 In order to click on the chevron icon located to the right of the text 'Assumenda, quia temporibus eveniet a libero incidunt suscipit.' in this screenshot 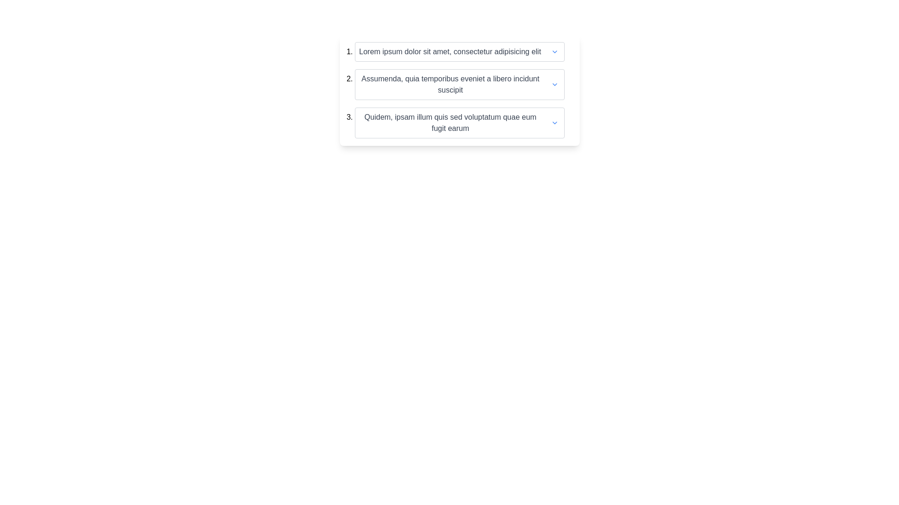, I will do `click(555, 85)`.